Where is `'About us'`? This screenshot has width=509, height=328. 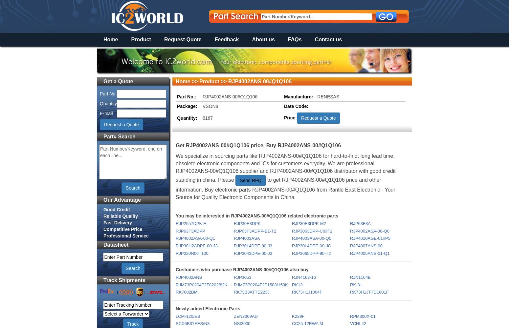
'About us' is located at coordinates (263, 39).